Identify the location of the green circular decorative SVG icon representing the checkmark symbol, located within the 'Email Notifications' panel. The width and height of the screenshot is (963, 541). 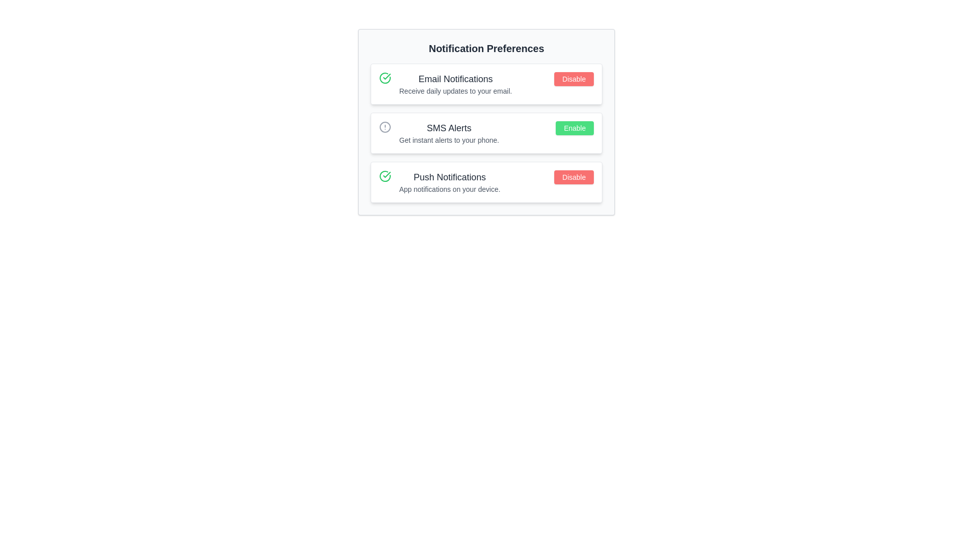
(385, 77).